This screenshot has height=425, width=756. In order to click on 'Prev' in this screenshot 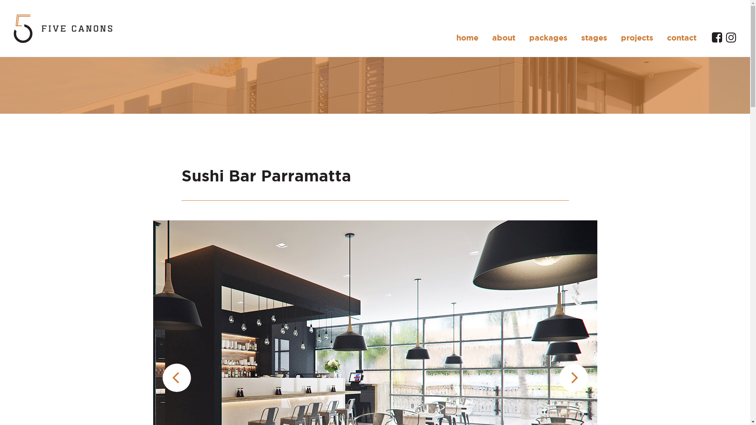, I will do `click(162, 377)`.